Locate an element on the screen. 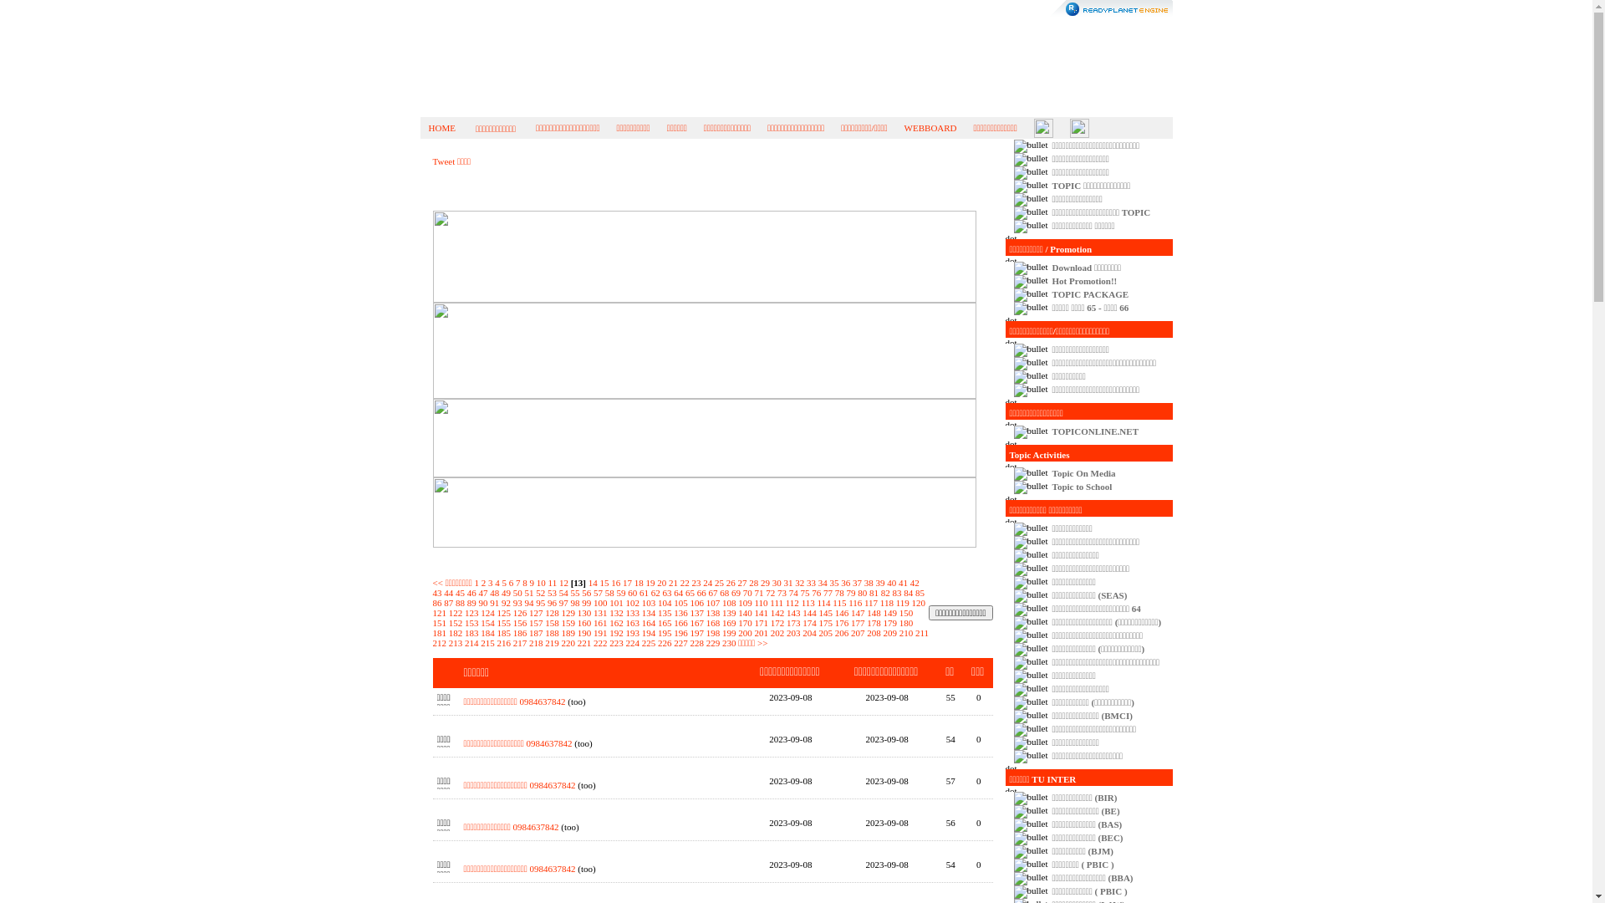  '104' is located at coordinates (664, 603).